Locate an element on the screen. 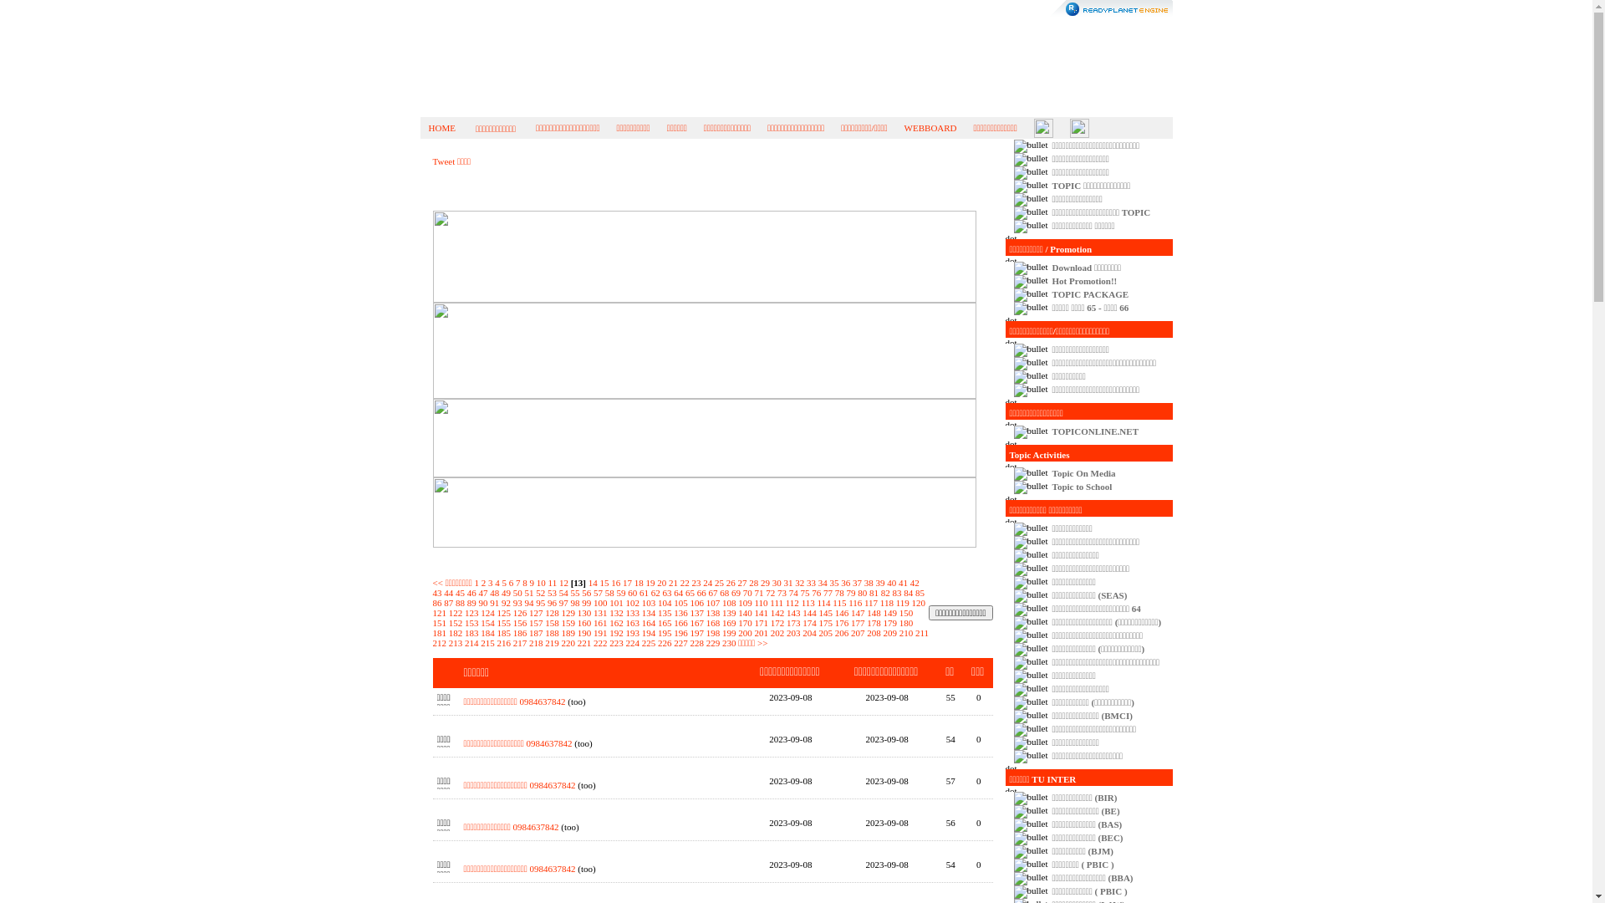  '104' is located at coordinates (664, 603).